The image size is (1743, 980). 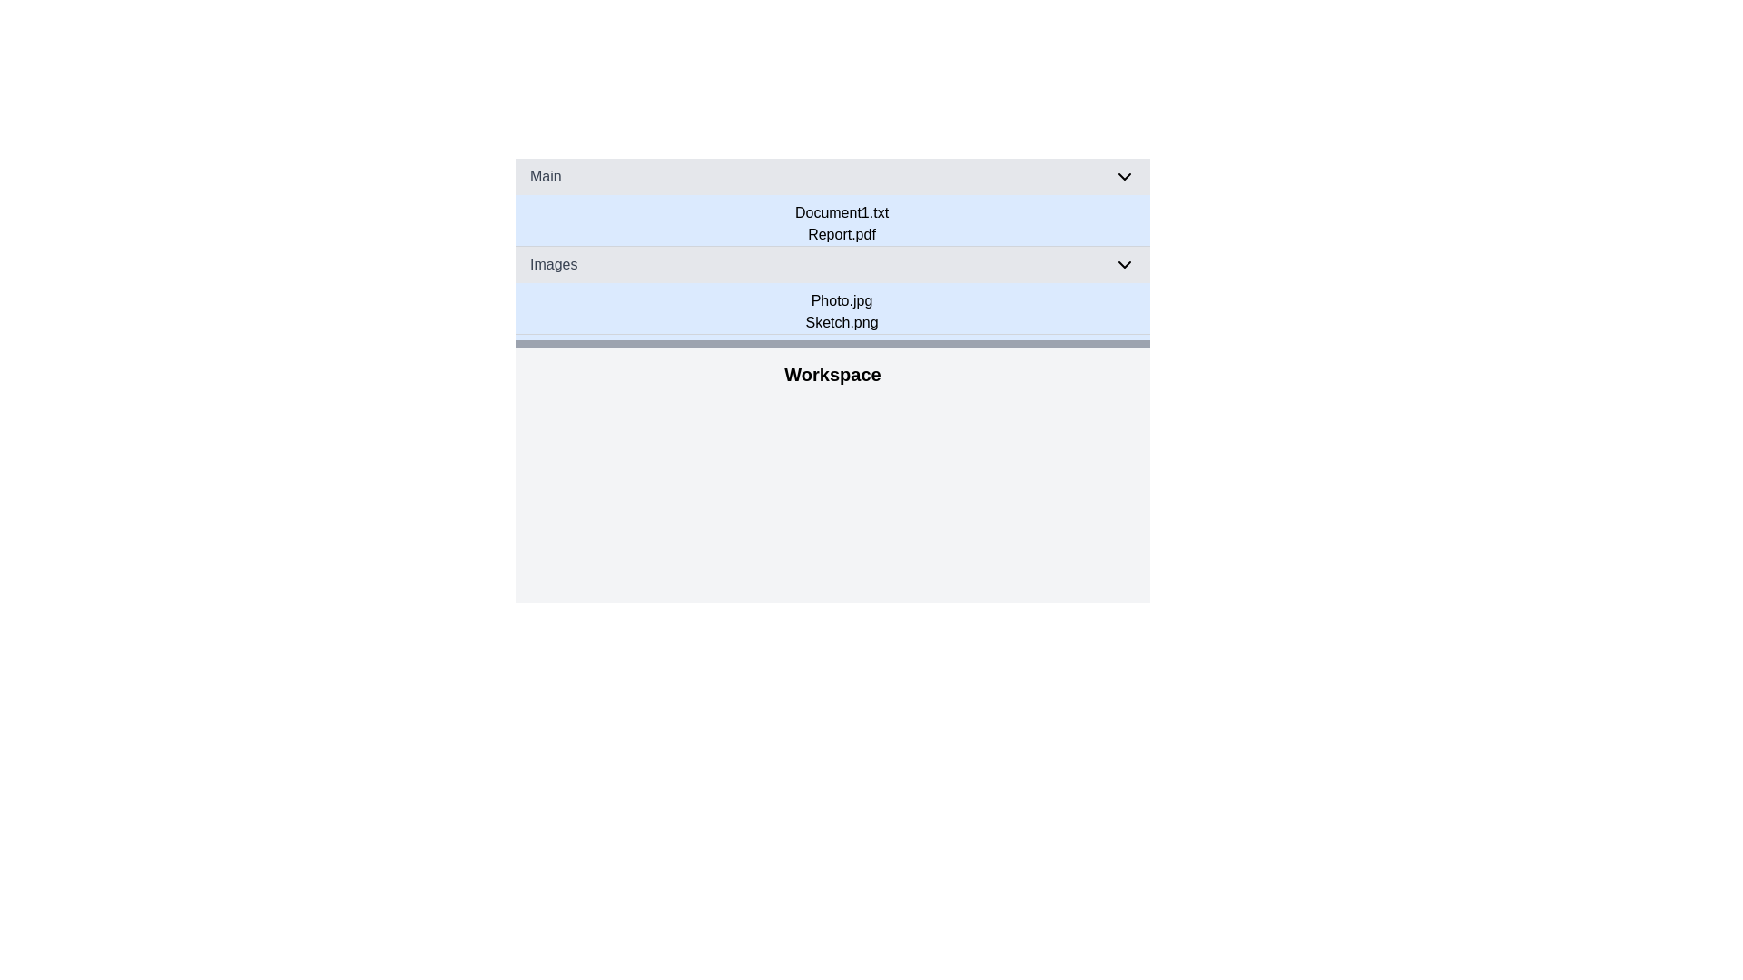 What do you see at coordinates (1123, 265) in the screenshot?
I see `the small downwards-pointing chevron icon next to the word 'Images'` at bounding box center [1123, 265].